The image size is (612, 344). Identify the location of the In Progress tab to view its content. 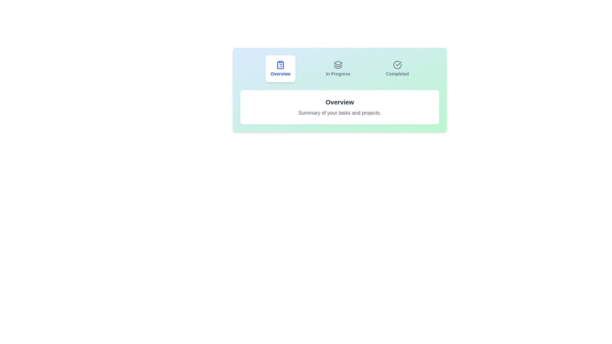
(338, 69).